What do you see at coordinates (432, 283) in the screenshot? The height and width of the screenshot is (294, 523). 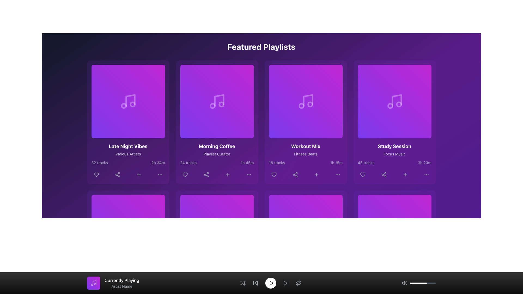 I see `the volume level` at bounding box center [432, 283].